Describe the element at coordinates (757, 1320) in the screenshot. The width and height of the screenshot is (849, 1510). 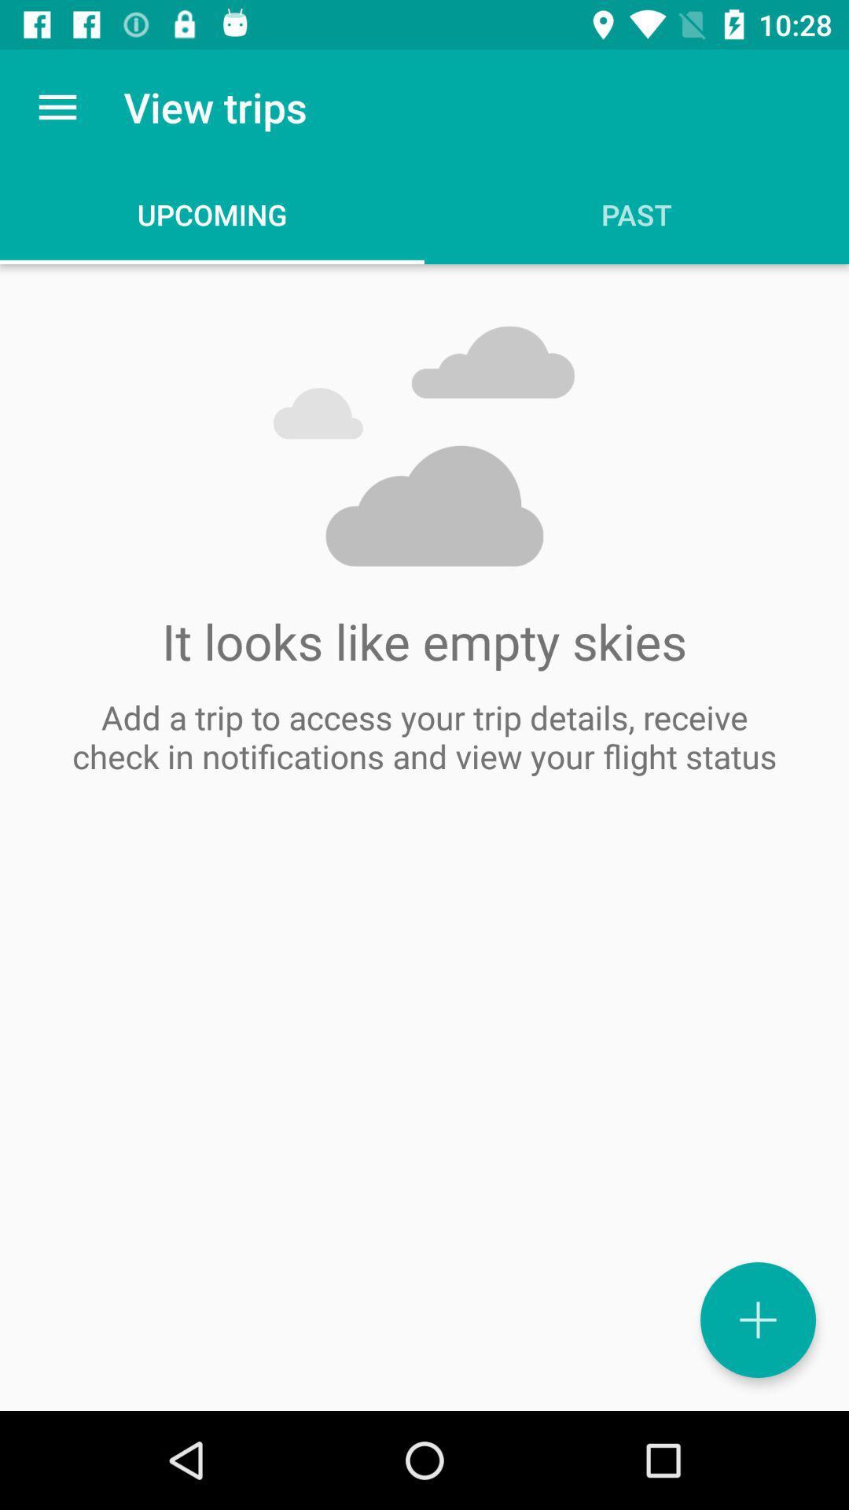
I see `the add icon` at that location.